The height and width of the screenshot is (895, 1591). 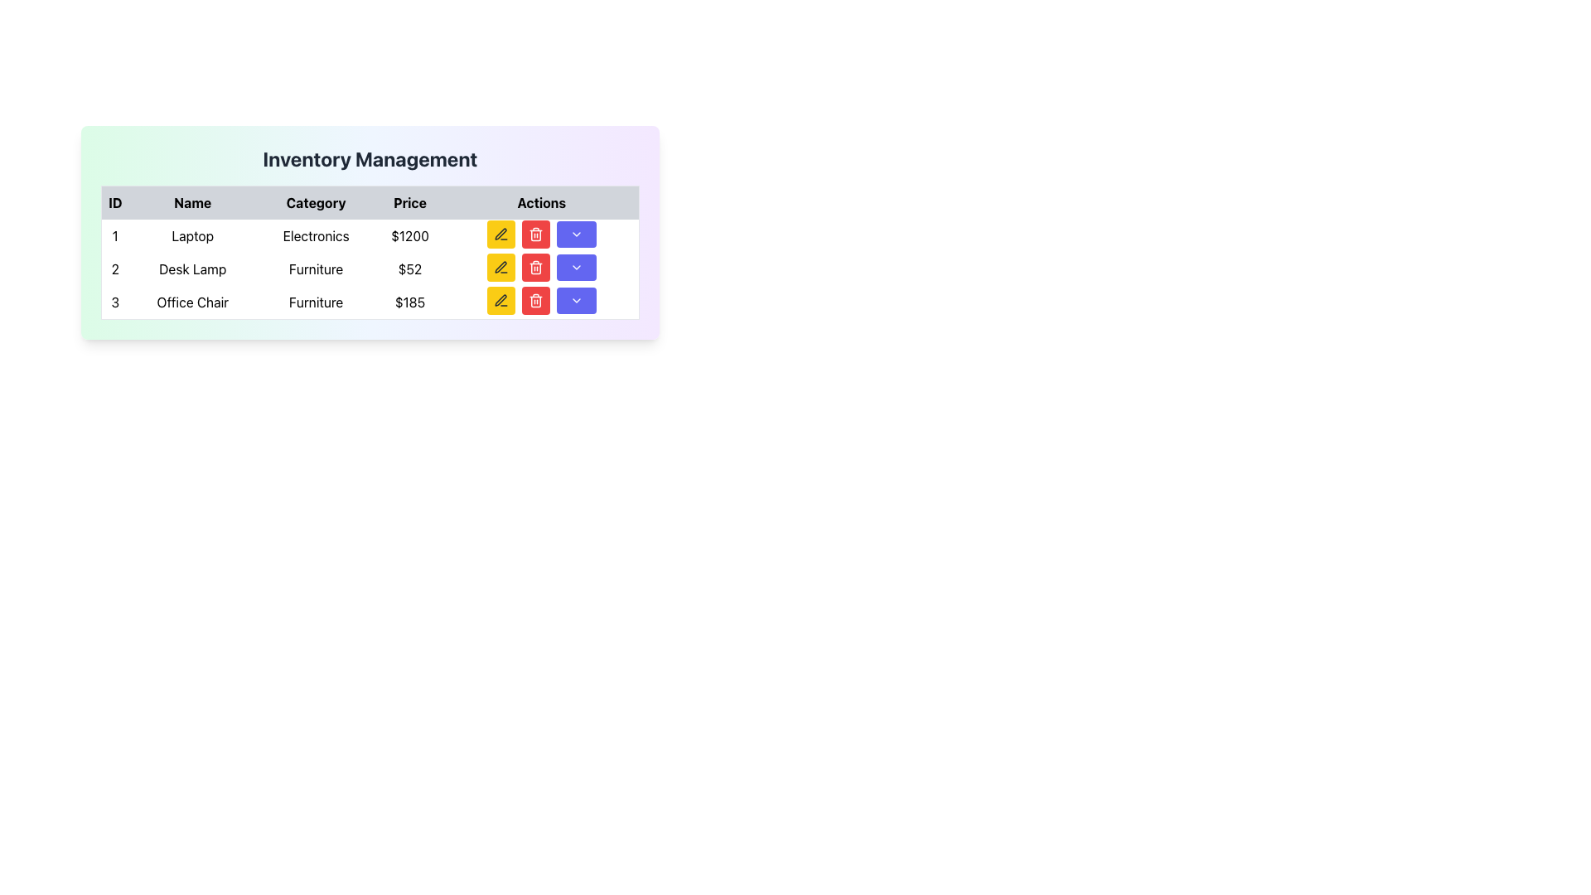 What do you see at coordinates (192, 201) in the screenshot?
I see `the 'Name' text label in the header row of the data table, which is the second cell from the left` at bounding box center [192, 201].